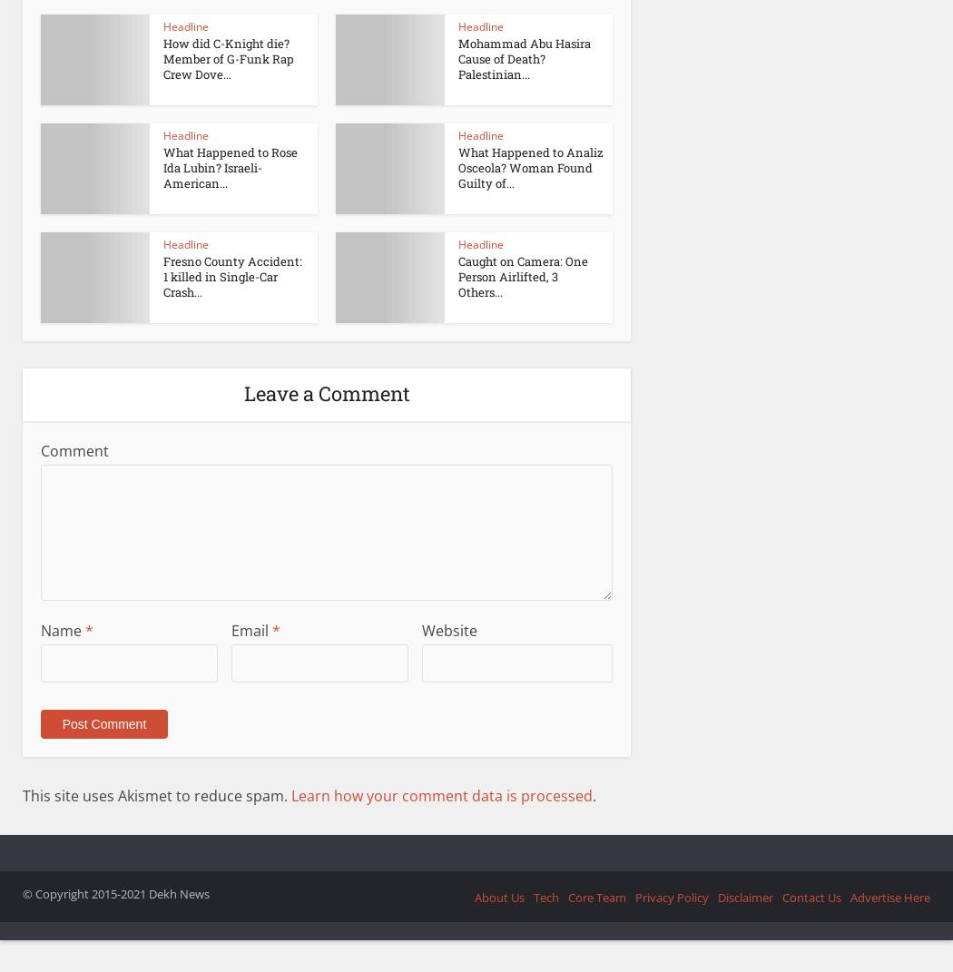 This screenshot has height=972, width=953. What do you see at coordinates (545, 896) in the screenshot?
I see `'Tech'` at bounding box center [545, 896].